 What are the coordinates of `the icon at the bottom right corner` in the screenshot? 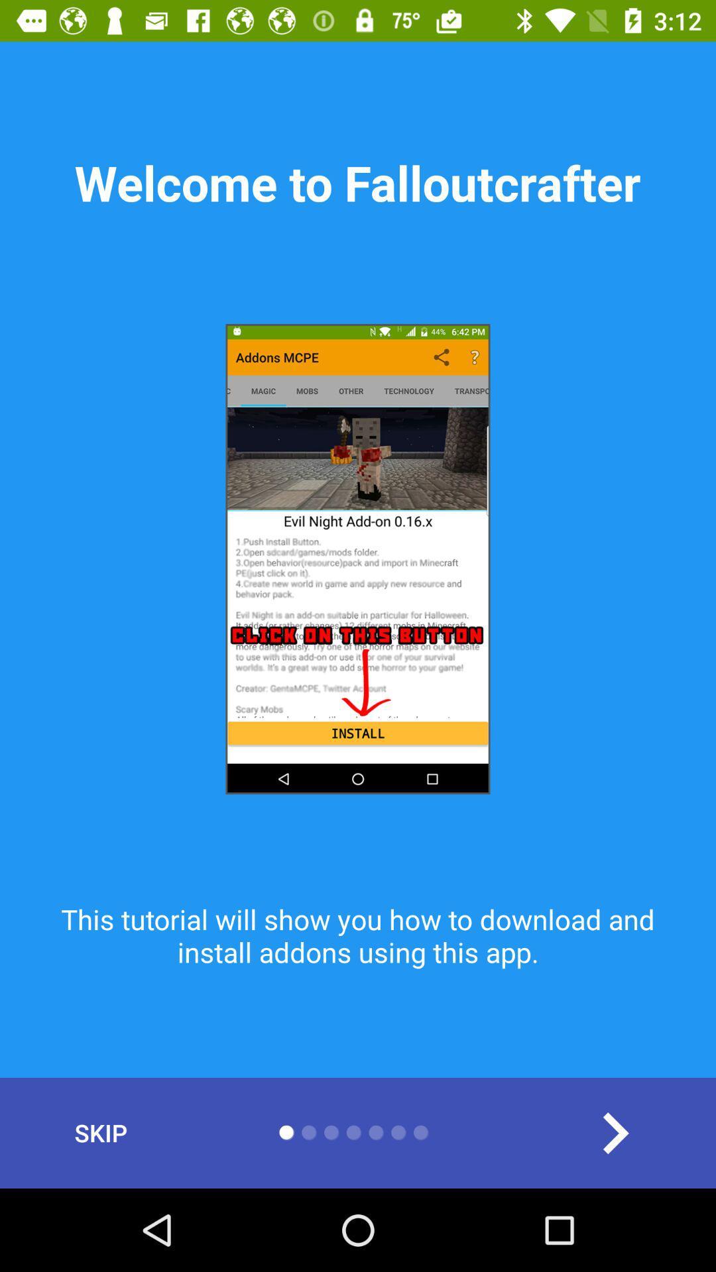 It's located at (615, 1132).